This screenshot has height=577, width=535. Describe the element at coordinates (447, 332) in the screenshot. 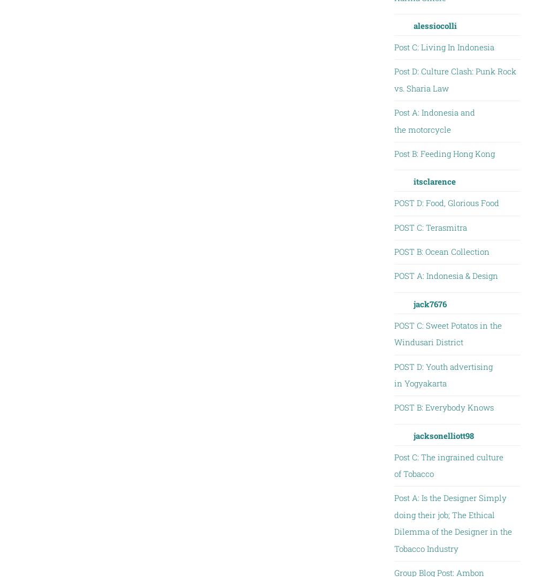

I see `'POST C: Sweet Potatos in the Windusari District'` at that location.